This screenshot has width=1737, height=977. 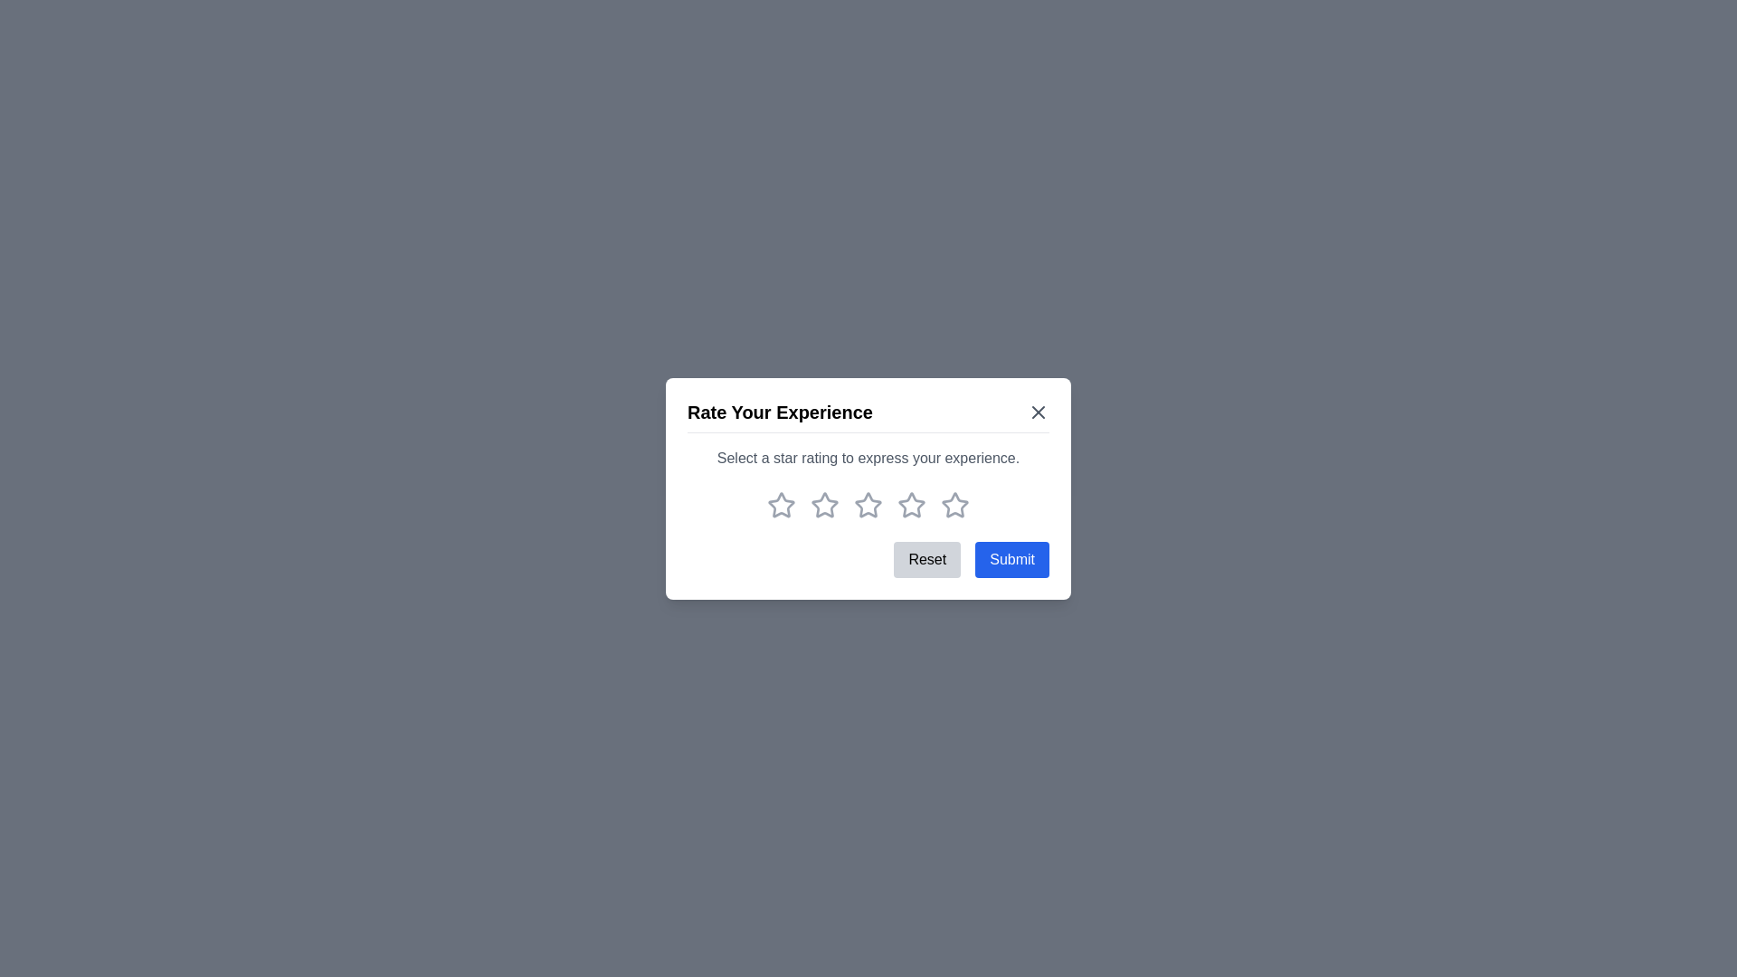 What do you see at coordinates (782, 505) in the screenshot?
I see `the rating to 1 stars by clicking on the corresponding star` at bounding box center [782, 505].